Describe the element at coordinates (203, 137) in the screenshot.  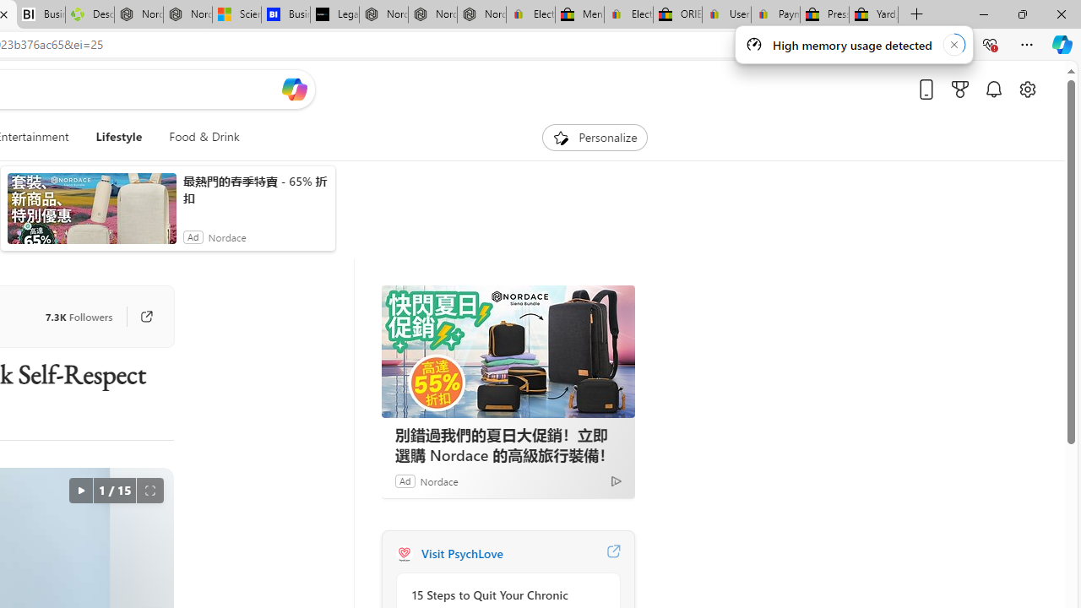
I see `'Food & Drink'` at that location.